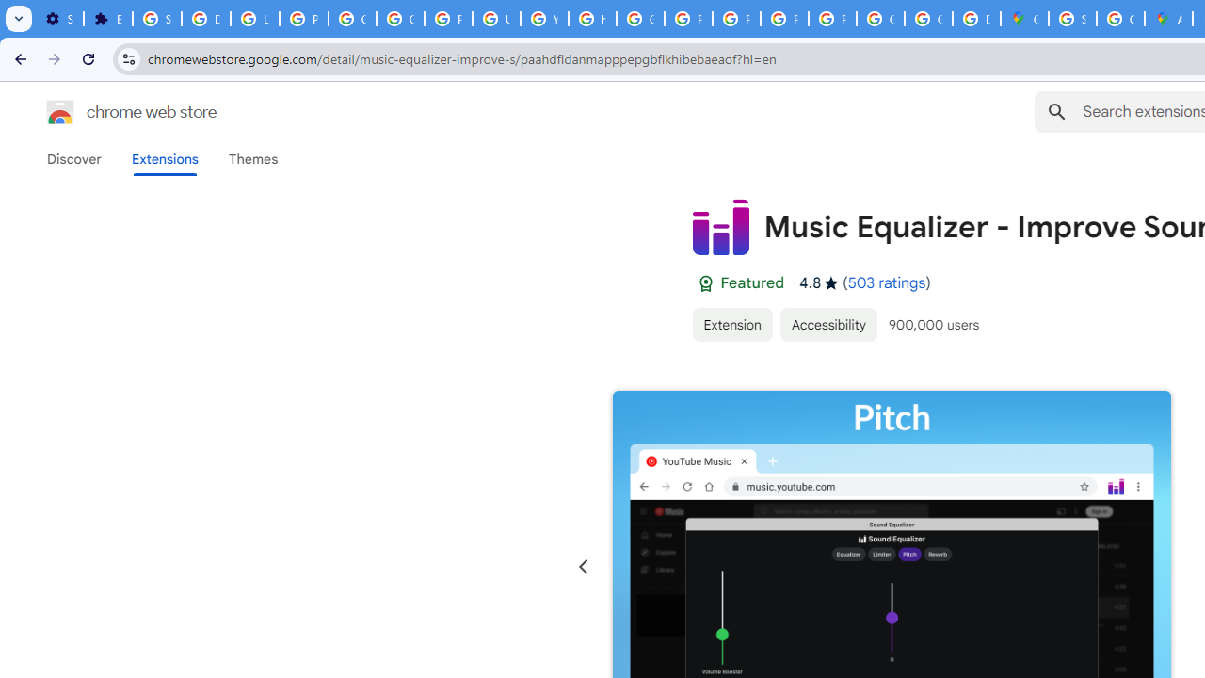 This screenshot has width=1205, height=678. I want to click on 'Accessibility', so click(828, 323).